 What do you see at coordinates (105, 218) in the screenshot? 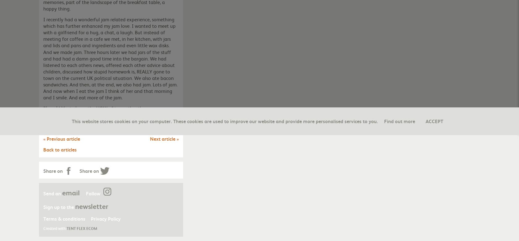
I see `'Privacy Policy'` at bounding box center [105, 218].